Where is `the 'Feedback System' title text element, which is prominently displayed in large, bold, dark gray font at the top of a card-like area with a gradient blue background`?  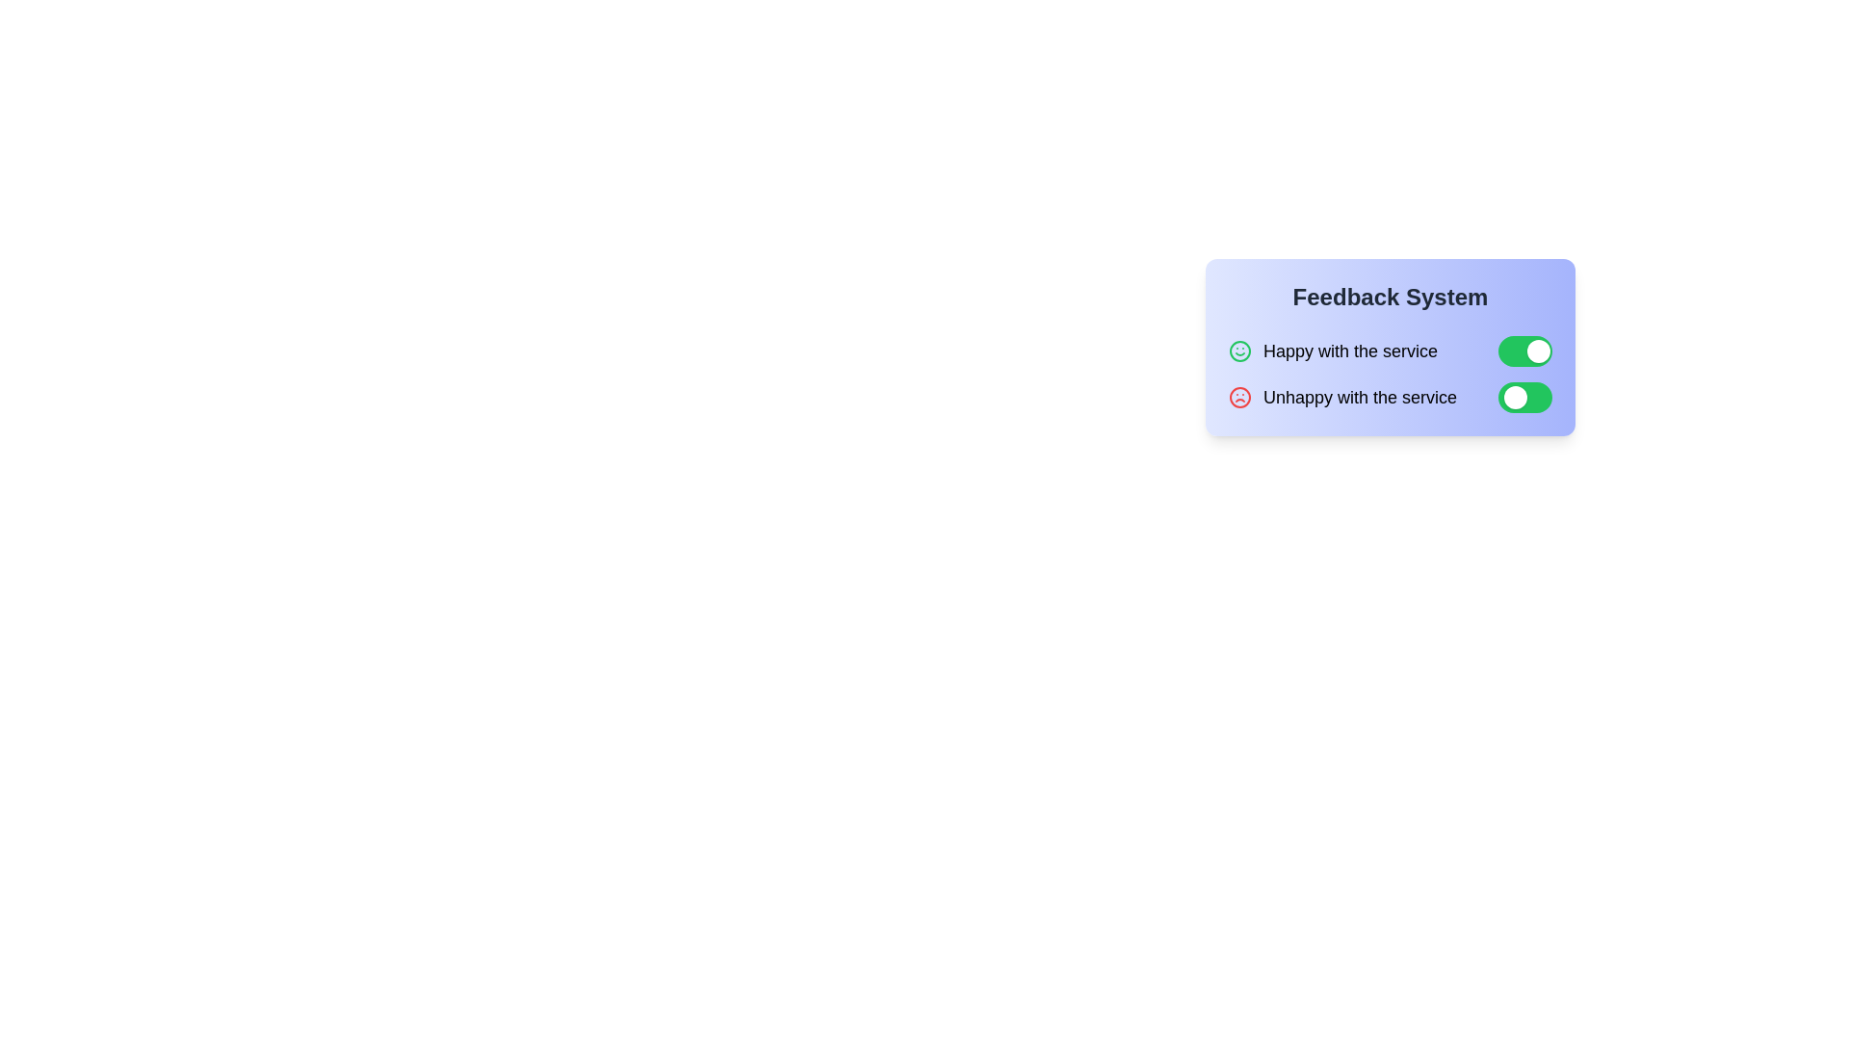 the 'Feedback System' title text element, which is prominently displayed in large, bold, dark gray font at the top of a card-like area with a gradient blue background is located at coordinates (1391, 297).